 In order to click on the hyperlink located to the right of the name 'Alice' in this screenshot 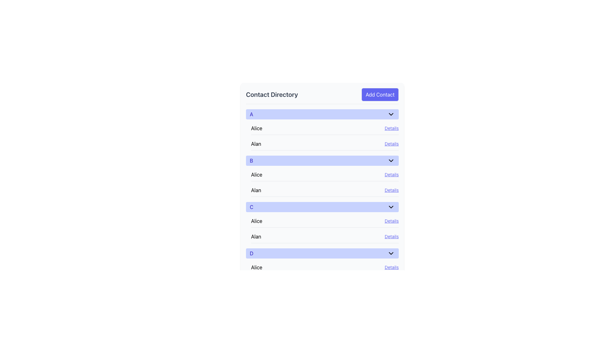, I will do `click(391, 128)`.